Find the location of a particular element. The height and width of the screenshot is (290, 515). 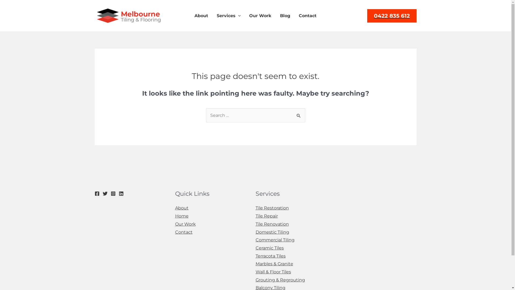

'Contact' is located at coordinates (183, 232).